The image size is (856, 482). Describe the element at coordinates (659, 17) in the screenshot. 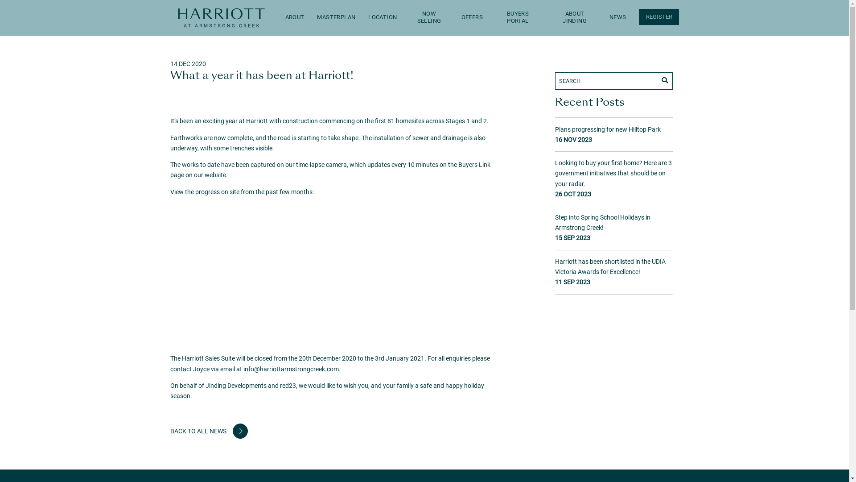

I see `'REGISTER'` at that location.